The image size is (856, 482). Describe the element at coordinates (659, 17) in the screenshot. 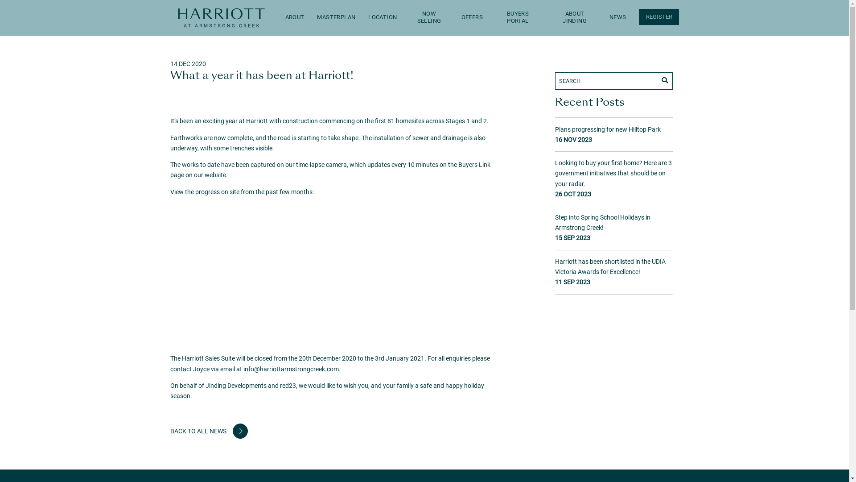

I see `'REGISTER'` at that location.